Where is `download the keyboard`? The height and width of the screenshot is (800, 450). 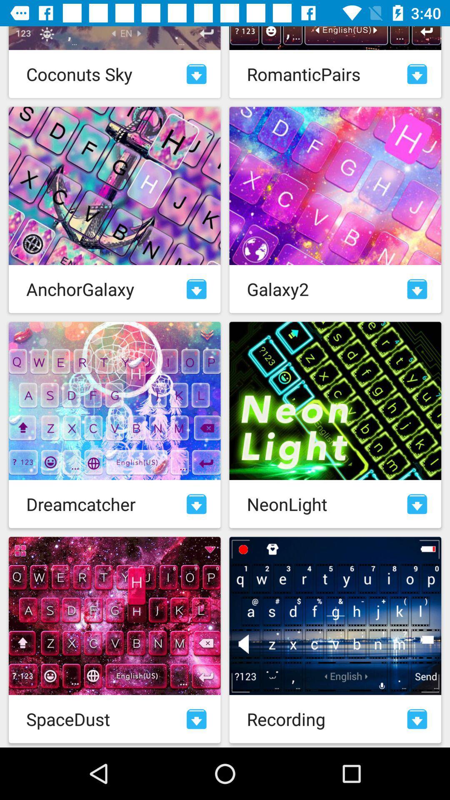 download the keyboard is located at coordinates (196, 503).